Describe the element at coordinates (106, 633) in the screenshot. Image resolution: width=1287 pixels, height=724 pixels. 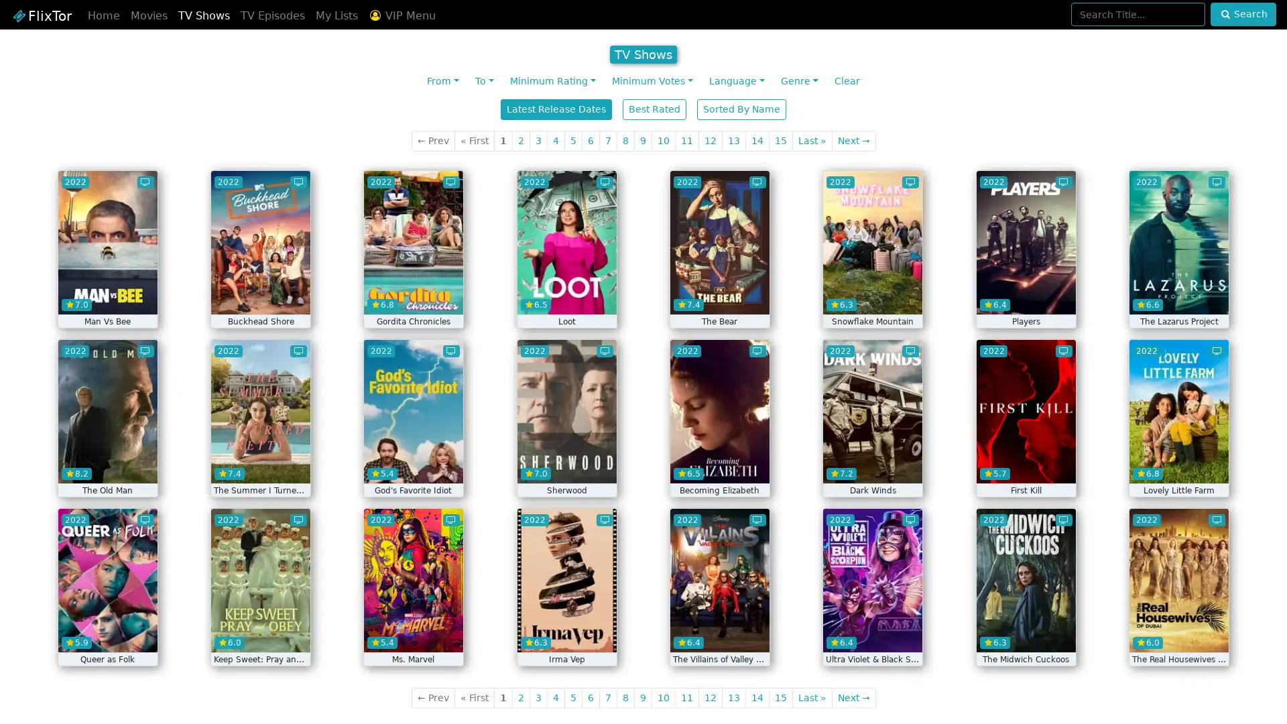
I see `Watch Now` at that location.